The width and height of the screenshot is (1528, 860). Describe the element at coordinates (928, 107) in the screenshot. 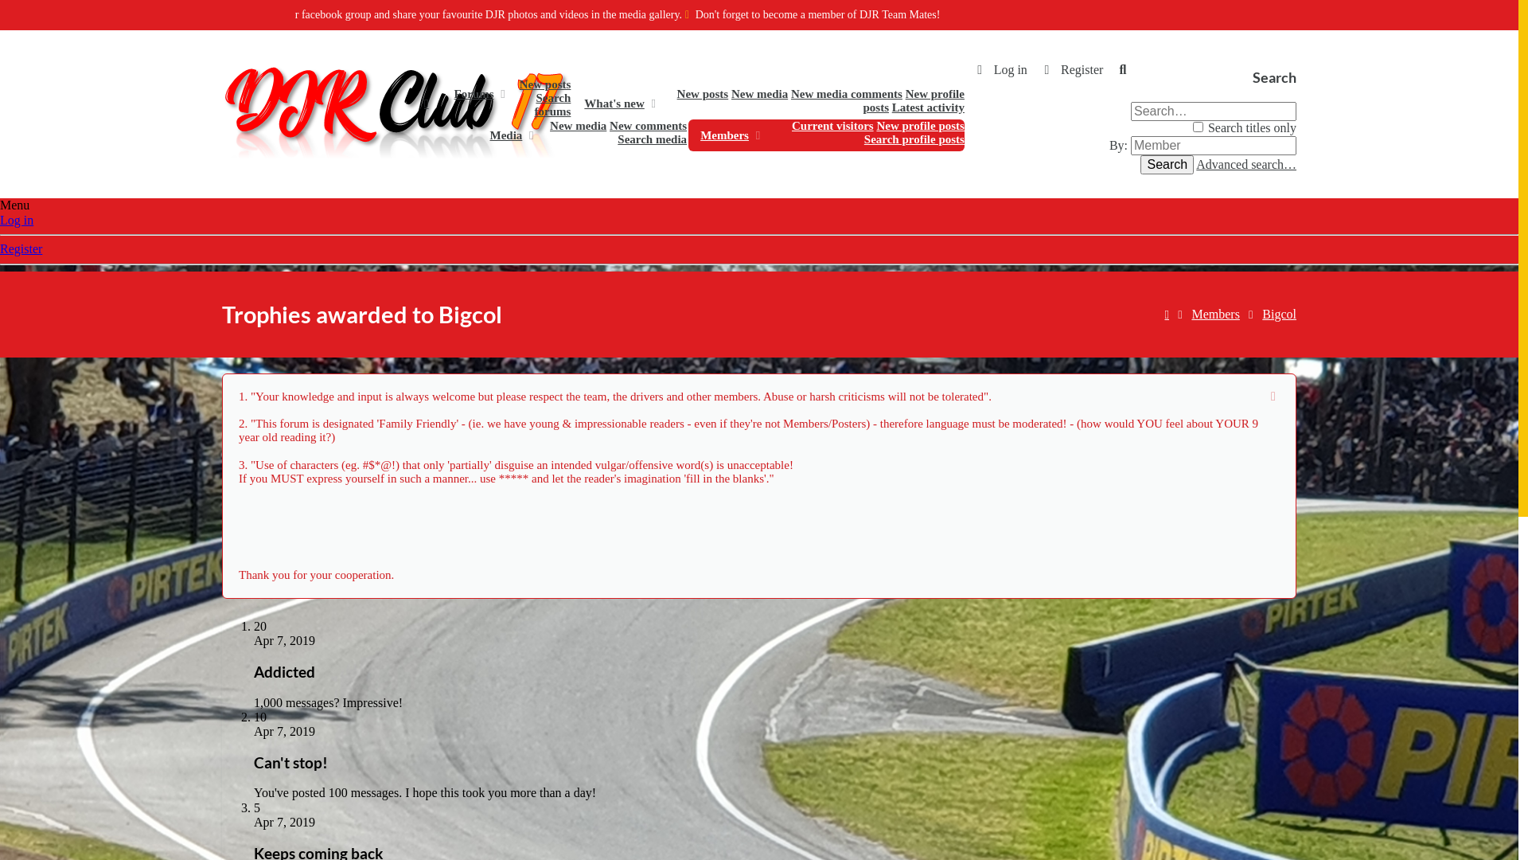

I see `'Latest activity'` at that location.